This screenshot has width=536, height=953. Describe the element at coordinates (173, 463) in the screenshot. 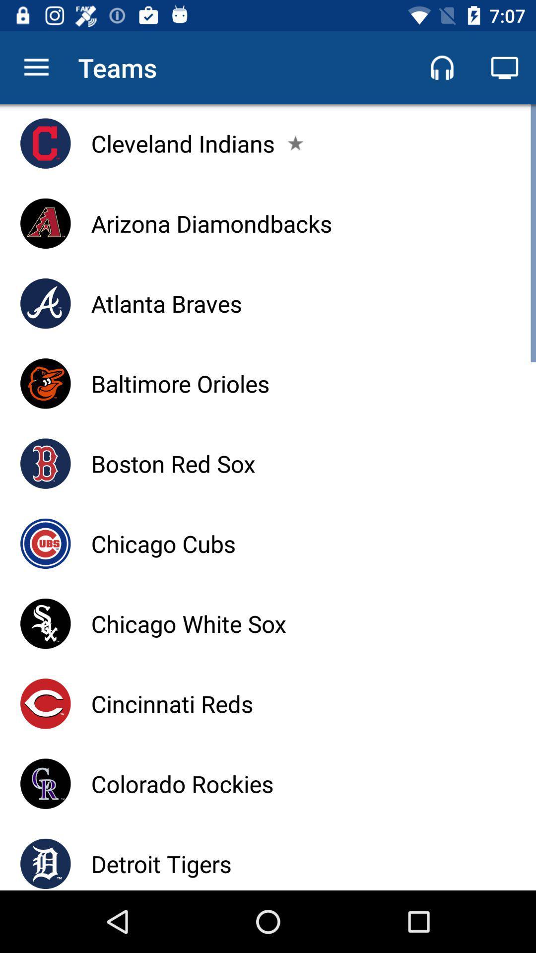

I see `item above chicago cubs item` at that location.